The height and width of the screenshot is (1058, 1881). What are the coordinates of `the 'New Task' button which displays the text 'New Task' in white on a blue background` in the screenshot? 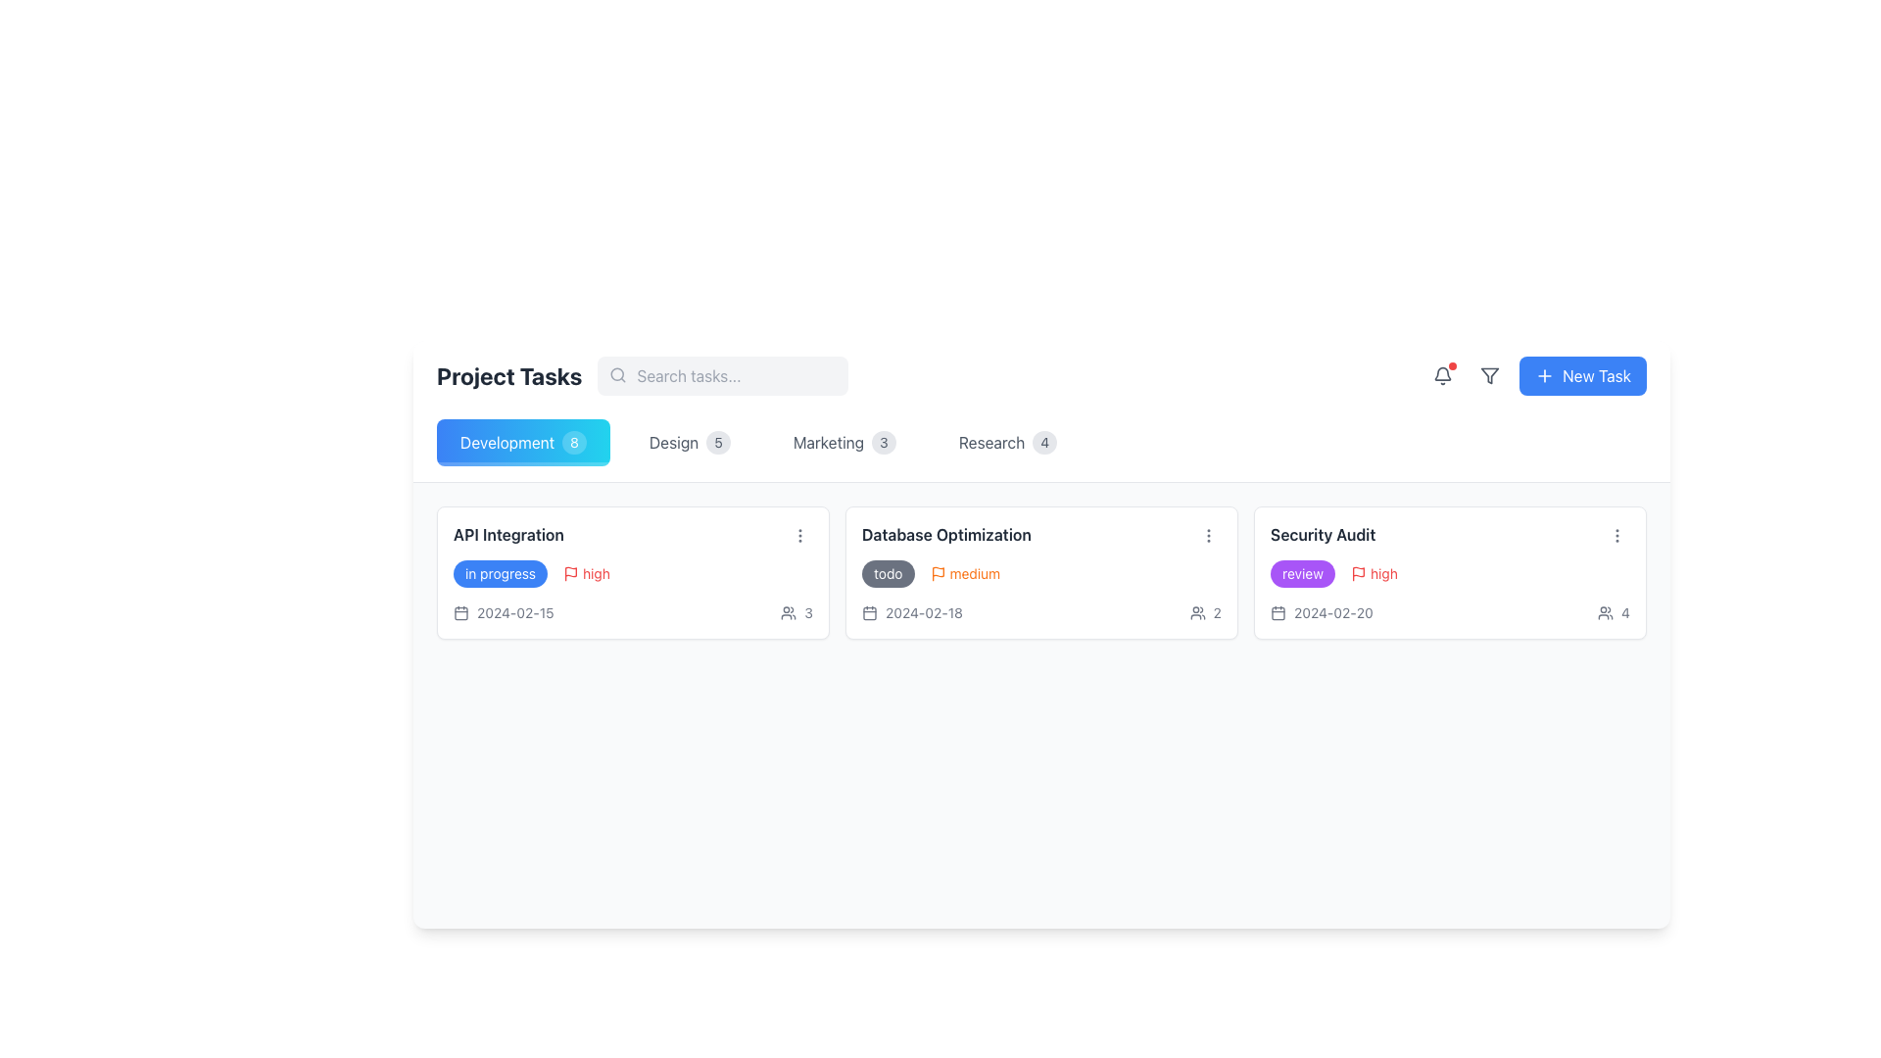 It's located at (1597, 376).